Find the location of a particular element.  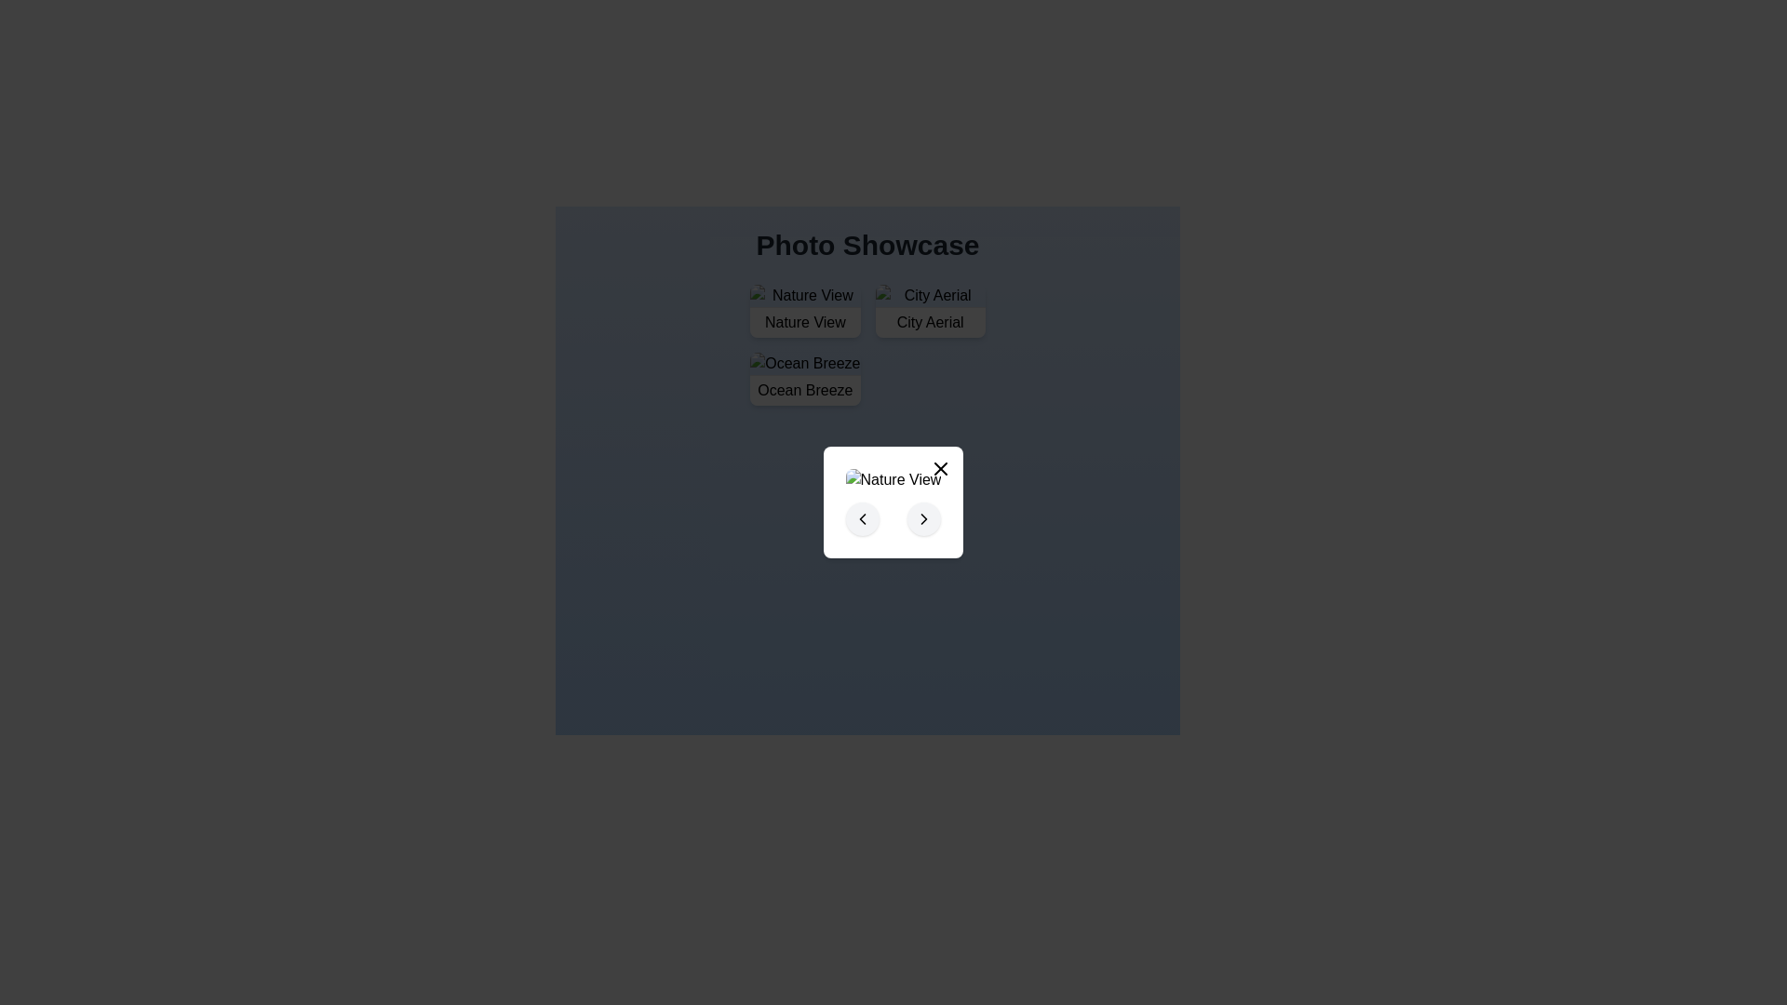

the navigation icon located to the left of the right-facing arrow button in the modal interface is located at coordinates (861, 519).